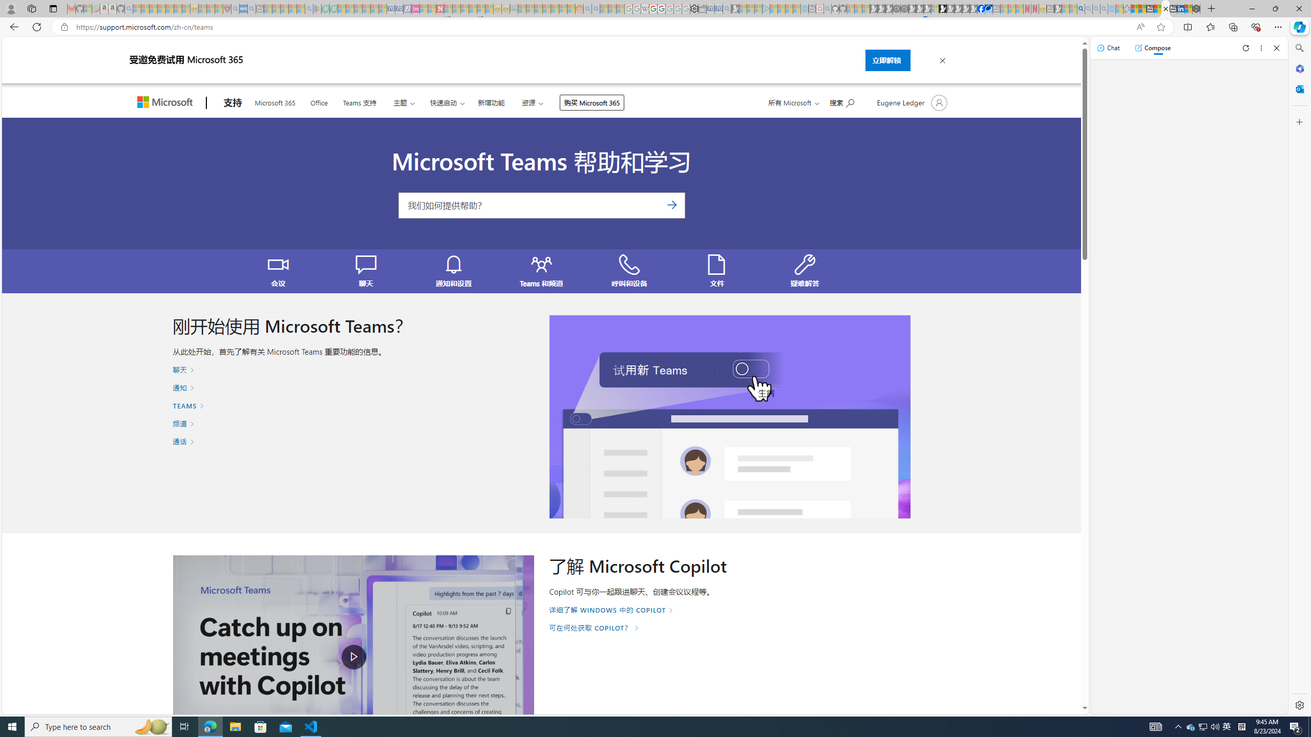 The height and width of the screenshot is (737, 1311). Describe the element at coordinates (319, 102) in the screenshot. I see `'Office'` at that location.